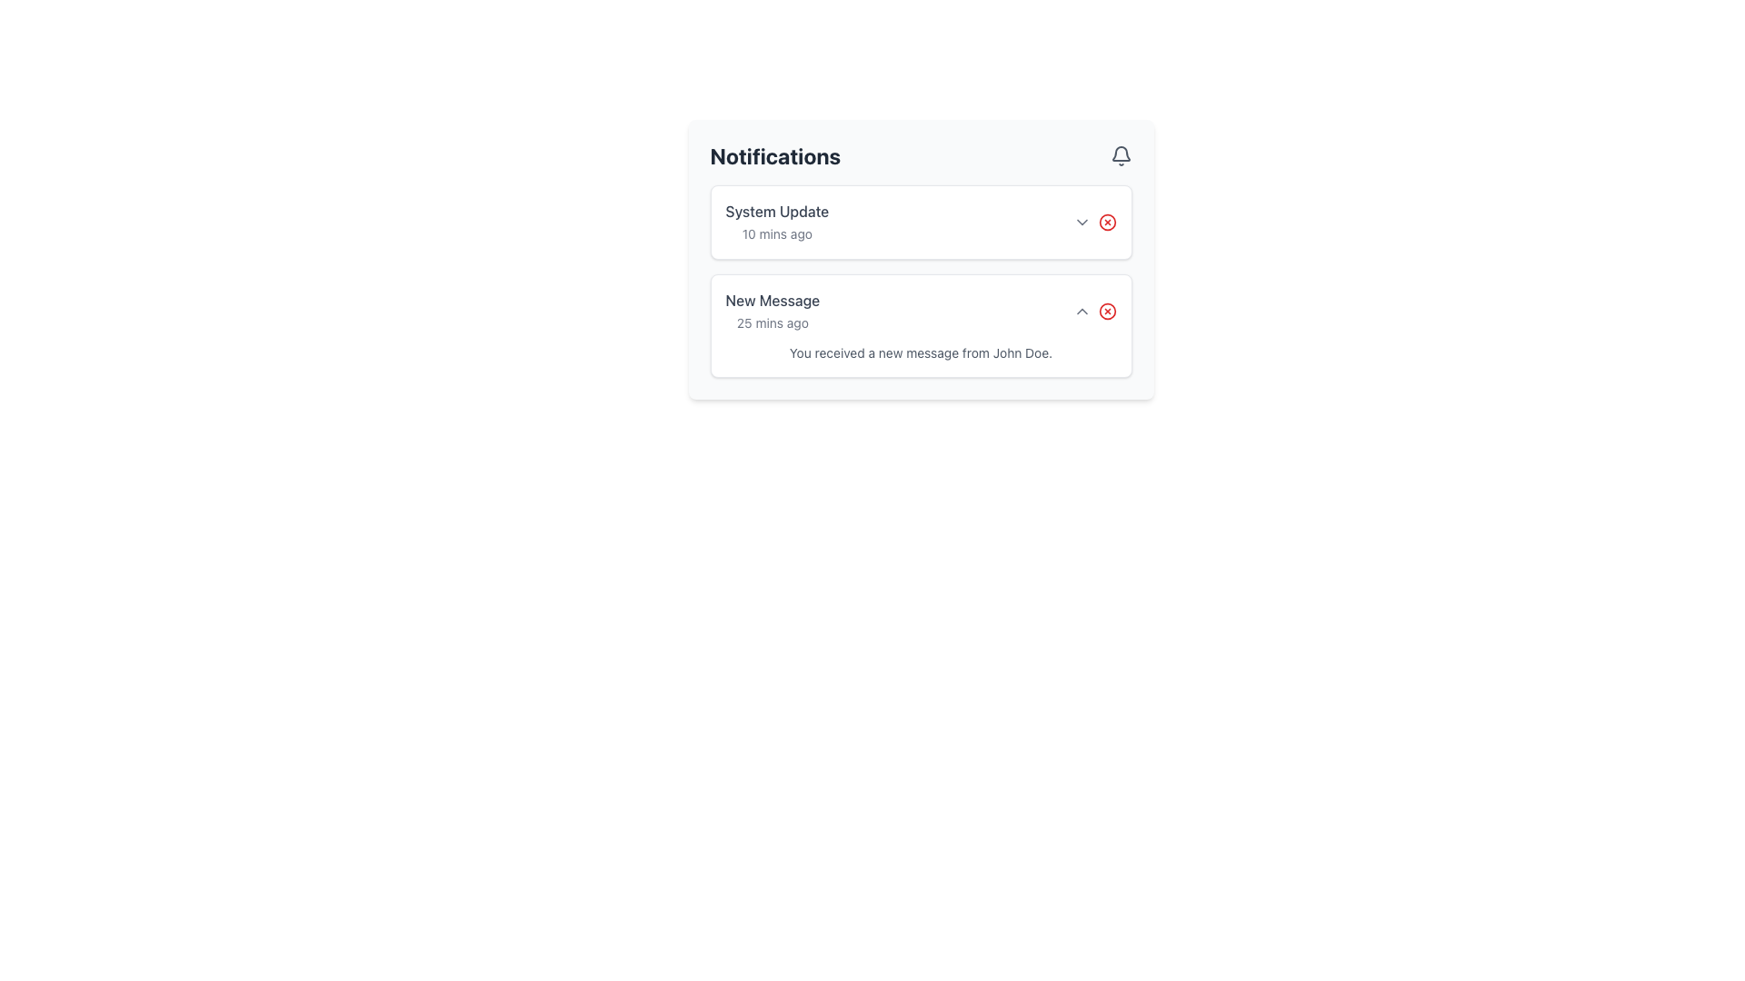 The width and height of the screenshot is (1745, 981). What do you see at coordinates (921, 281) in the screenshot?
I see `the second Notification Card in the notification panel that displays 'New Message' at the top left, highlighting it for visibility` at bounding box center [921, 281].